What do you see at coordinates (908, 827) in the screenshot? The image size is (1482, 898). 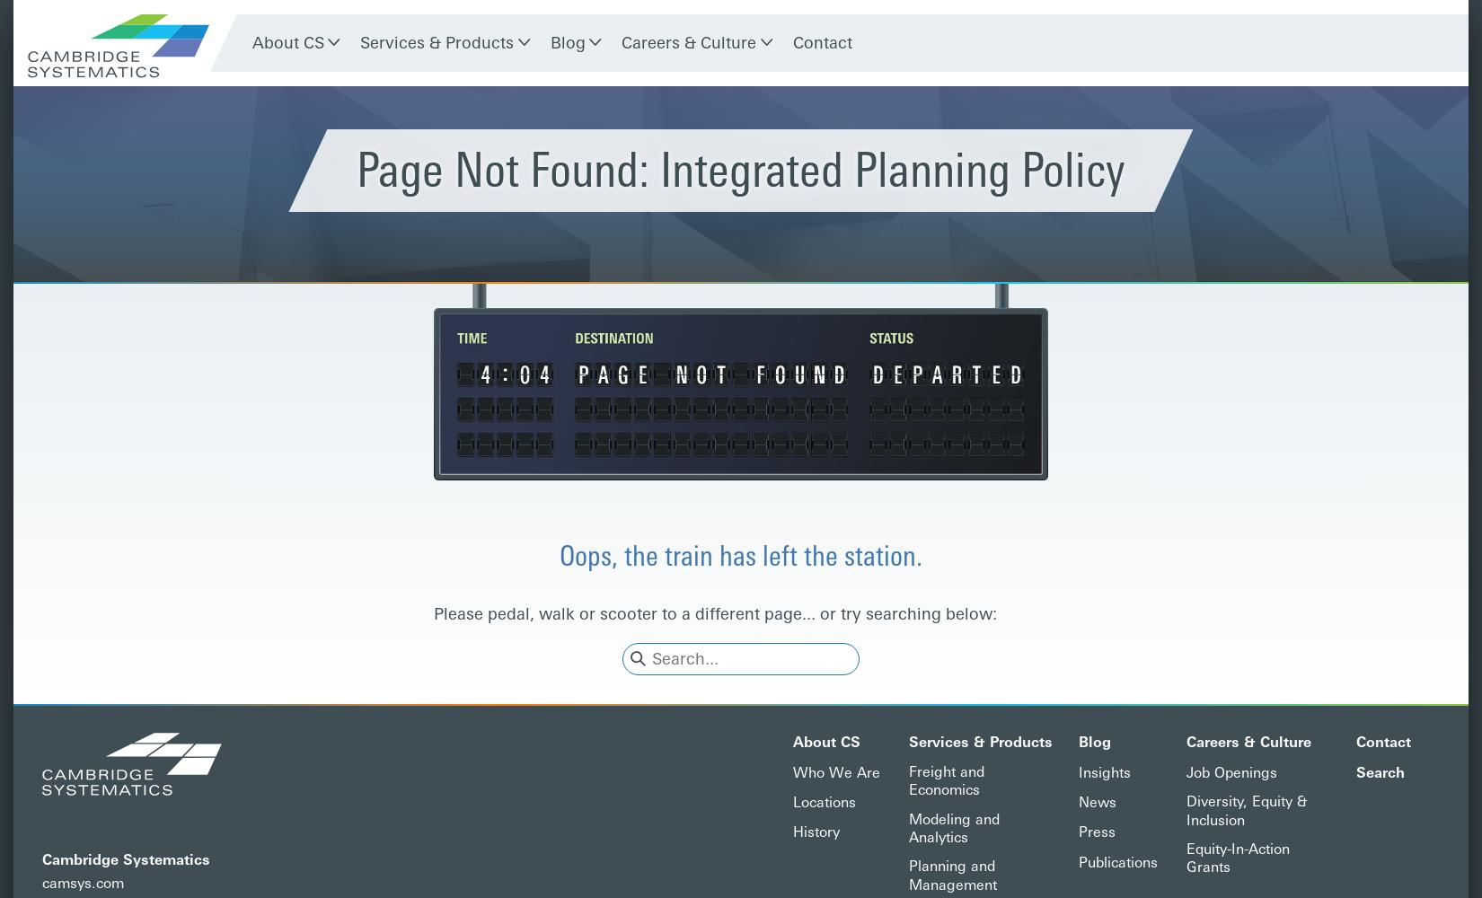 I see `'Modeling and Analytics'` at bounding box center [908, 827].